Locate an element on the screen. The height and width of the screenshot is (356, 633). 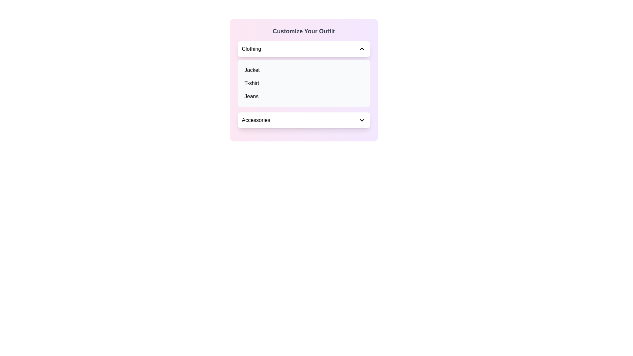
the text label that serves as a title for the outfit customization section is located at coordinates (303, 31).